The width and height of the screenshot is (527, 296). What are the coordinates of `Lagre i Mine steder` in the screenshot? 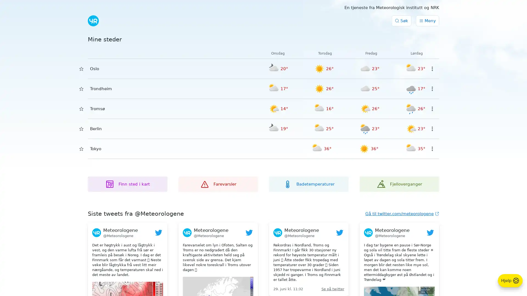 It's located at (81, 89).